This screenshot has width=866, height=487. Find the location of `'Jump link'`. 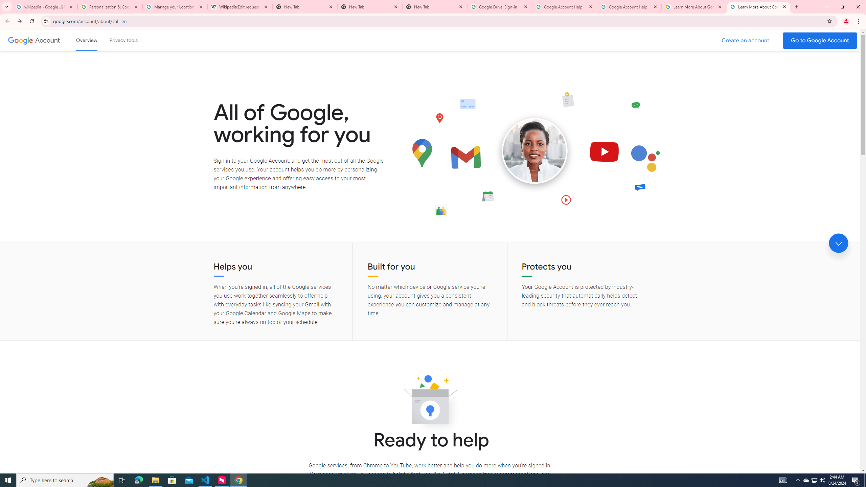

'Jump link' is located at coordinates (838, 243).